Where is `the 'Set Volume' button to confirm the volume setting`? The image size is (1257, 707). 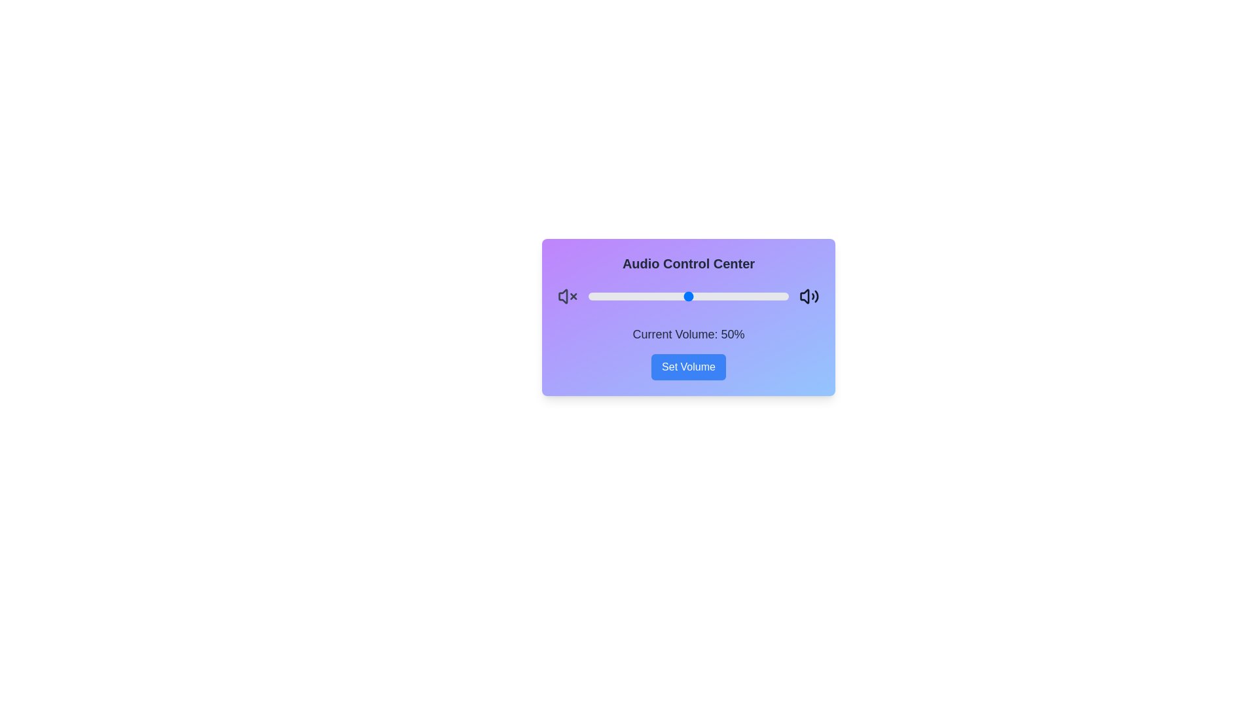
the 'Set Volume' button to confirm the volume setting is located at coordinates (687, 367).